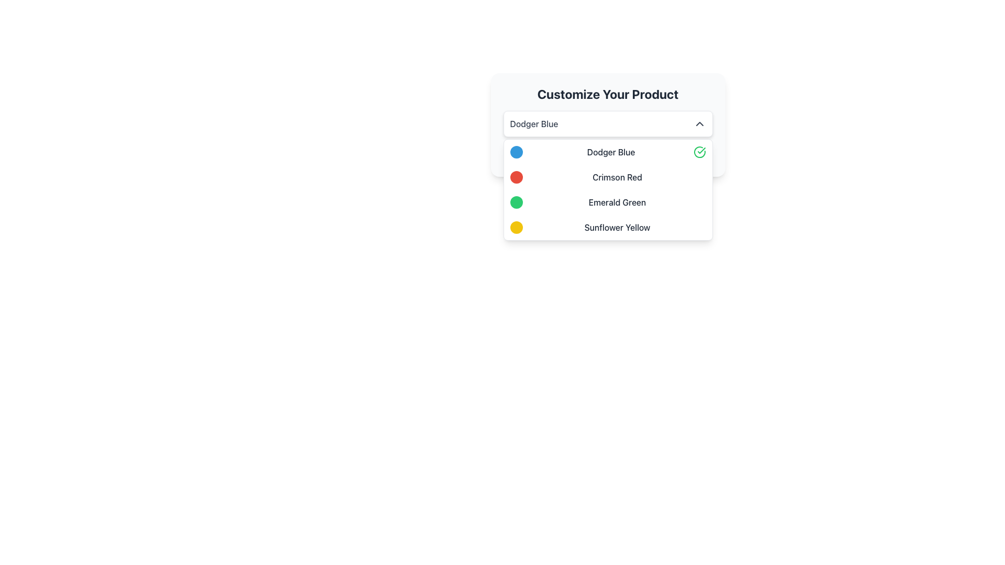  Describe the element at coordinates (516, 227) in the screenshot. I see `the Circular color indicator representing 'Sunflower Yellow' located on the leftmost side of the dropdown menu row` at that location.